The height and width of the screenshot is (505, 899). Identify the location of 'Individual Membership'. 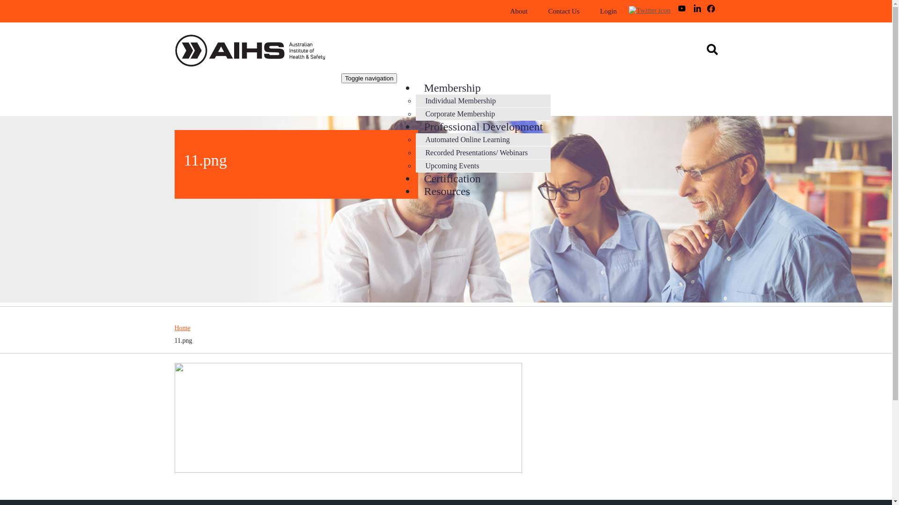
(460, 101).